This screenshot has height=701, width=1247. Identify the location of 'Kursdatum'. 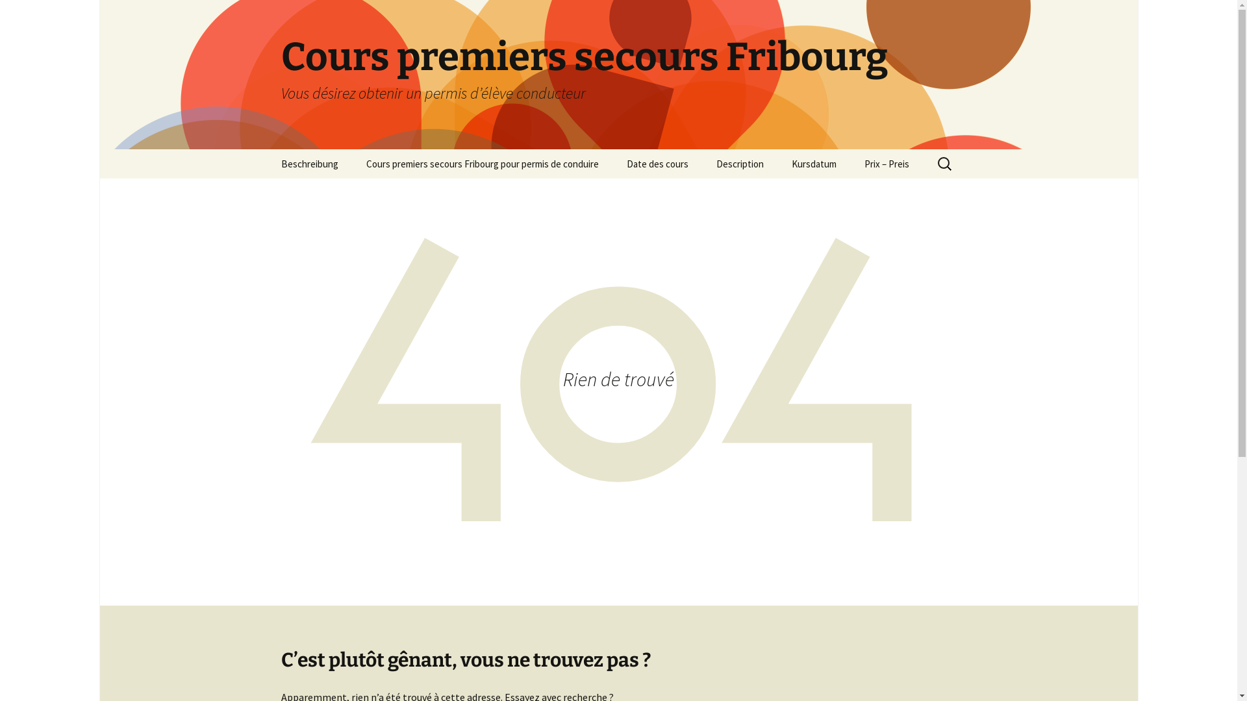
(812, 163).